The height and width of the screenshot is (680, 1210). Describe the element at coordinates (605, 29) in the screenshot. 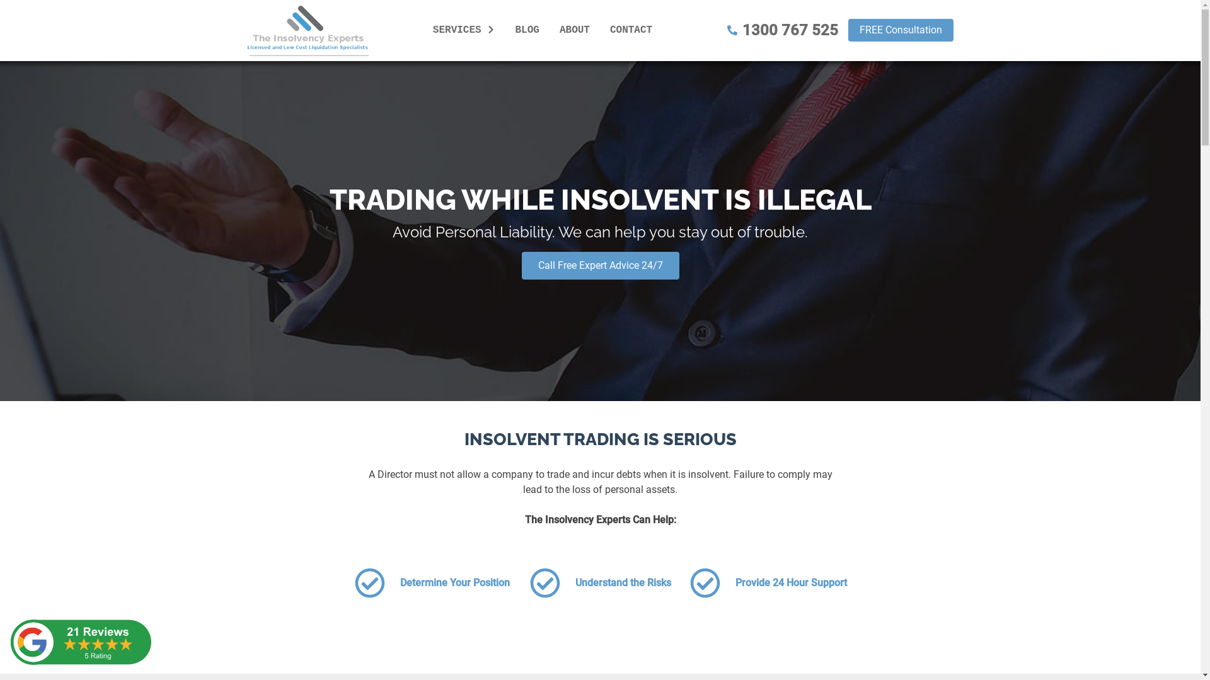

I see `'CONTACT'` at that location.